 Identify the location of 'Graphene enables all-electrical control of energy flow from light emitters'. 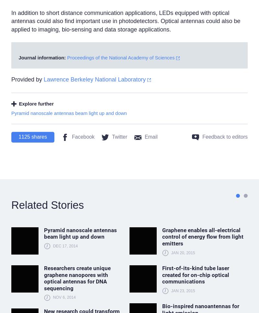
(203, 236).